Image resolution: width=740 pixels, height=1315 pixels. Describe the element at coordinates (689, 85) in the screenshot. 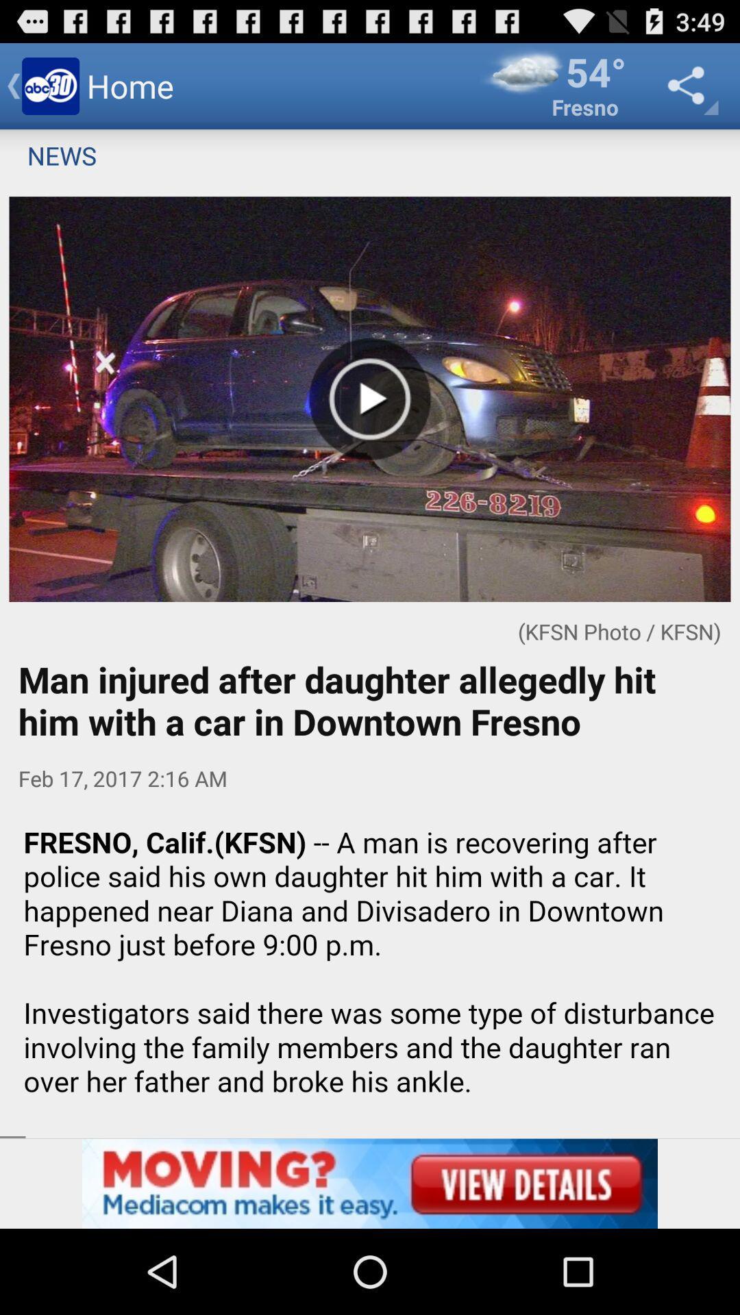

I see `share button` at that location.